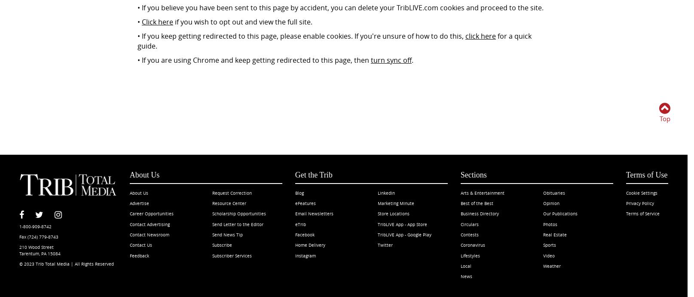  Describe the element at coordinates (238, 224) in the screenshot. I see `'Send Letter to the Editor'` at that location.